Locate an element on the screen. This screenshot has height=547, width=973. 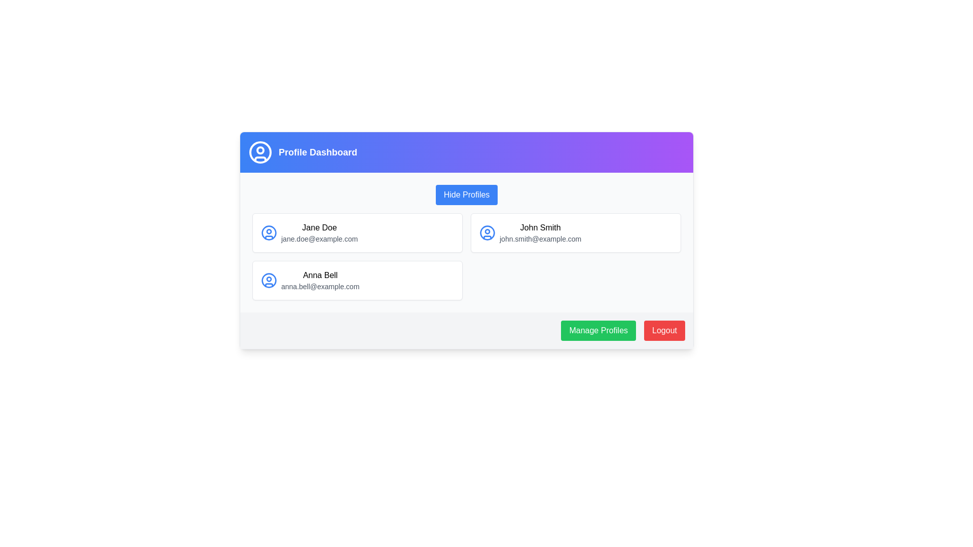
the profile icon representing 'Jane Doe' located is located at coordinates (269, 232).